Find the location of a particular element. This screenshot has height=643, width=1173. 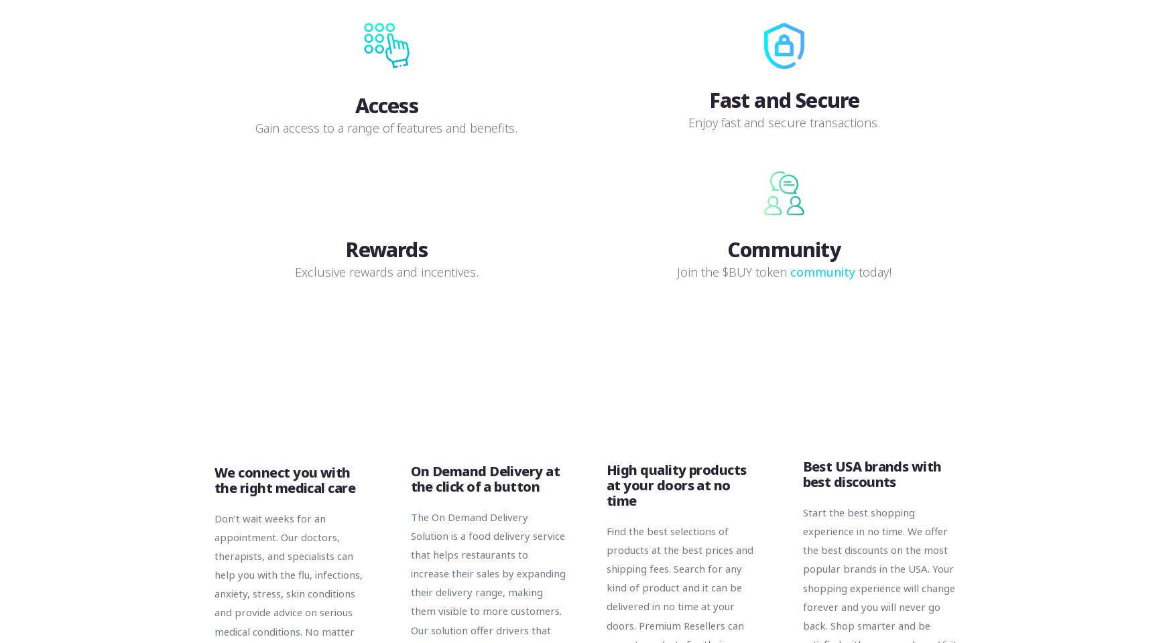

'today!' is located at coordinates (872, 271).